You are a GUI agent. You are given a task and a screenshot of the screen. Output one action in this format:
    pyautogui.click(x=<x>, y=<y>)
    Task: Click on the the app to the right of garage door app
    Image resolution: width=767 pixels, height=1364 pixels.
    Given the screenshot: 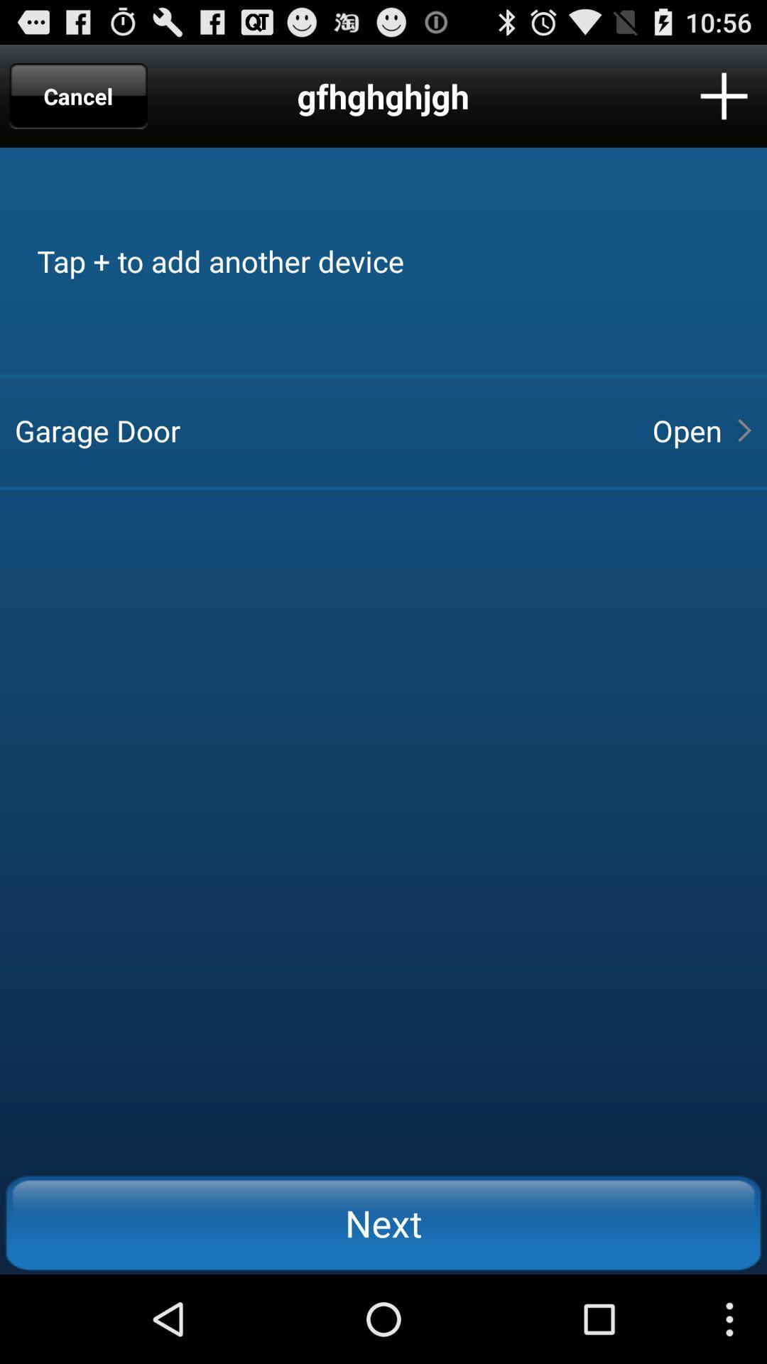 What is the action you would take?
    pyautogui.click(x=686, y=429)
    